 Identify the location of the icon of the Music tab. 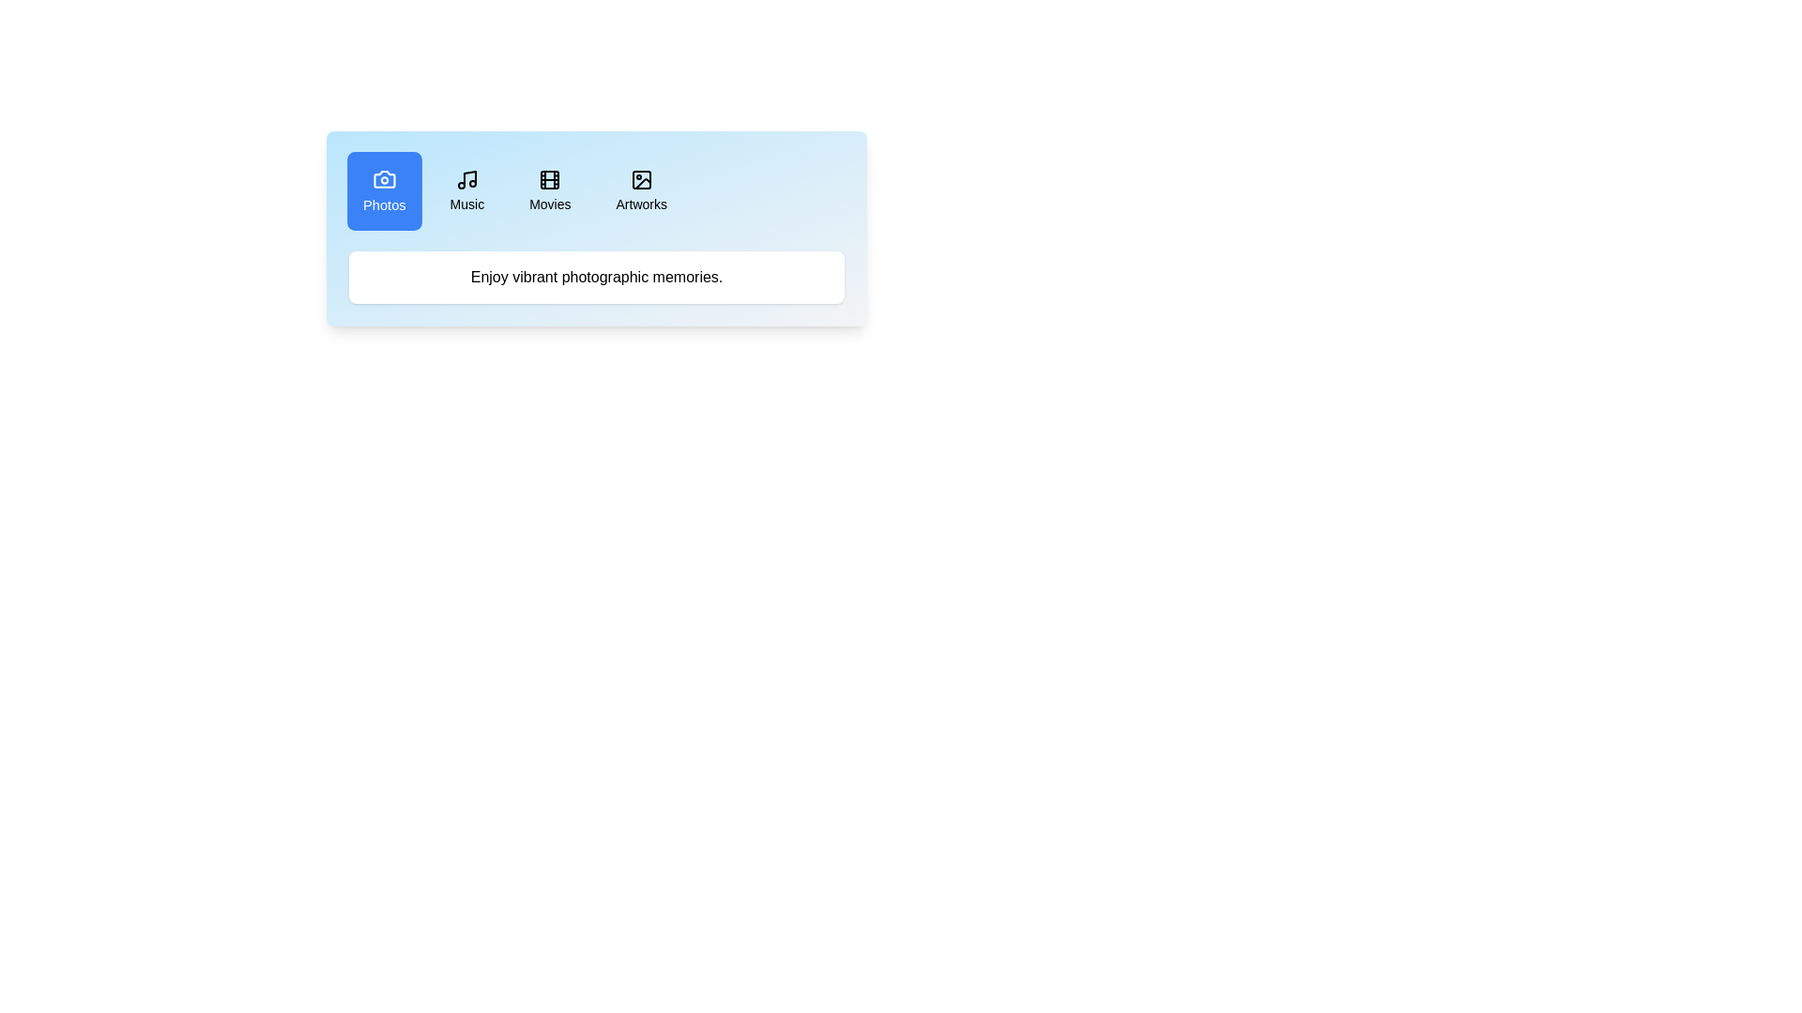
(466, 180).